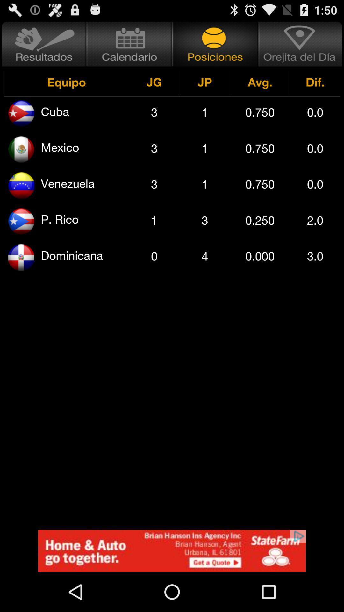 The image size is (344, 612). What do you see at coordinates (215, 44) in the screenshot?
I see `show positions` at bounding box center [215, 44].